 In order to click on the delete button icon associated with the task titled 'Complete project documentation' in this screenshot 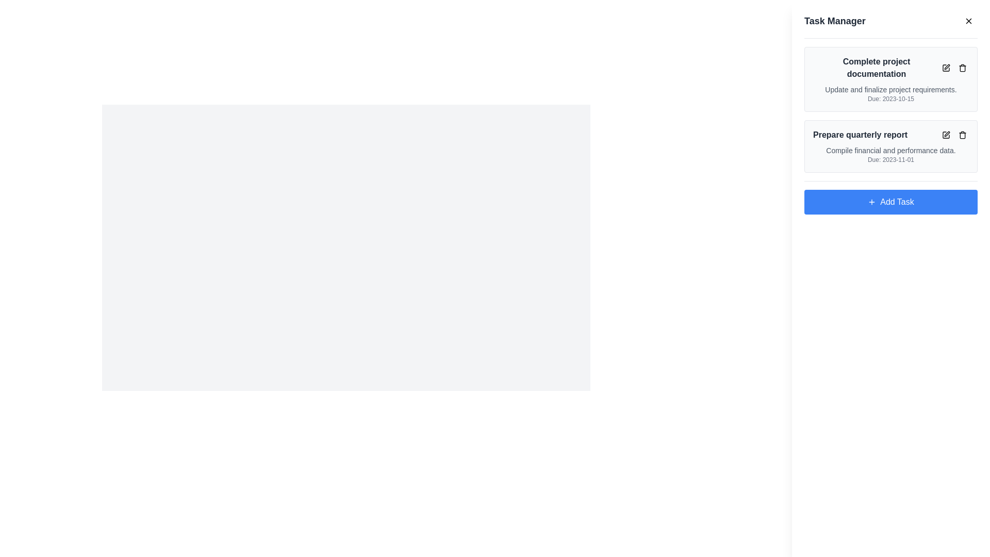, I will do `click(962, 68)`.